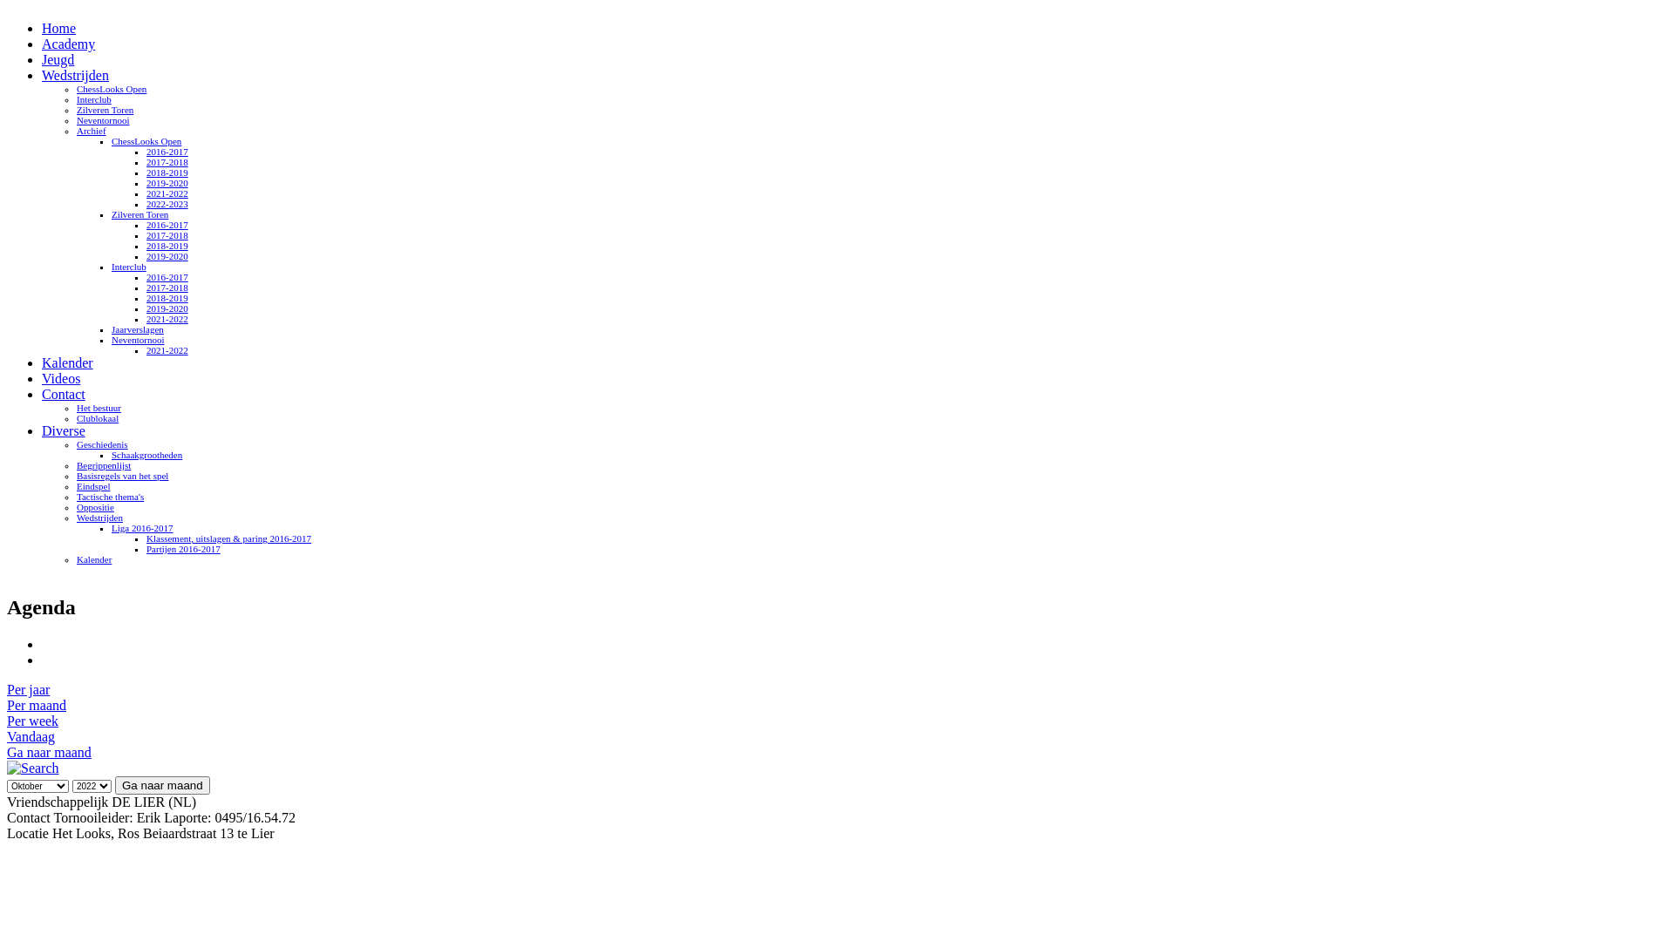  What do you see at coordinates (63, 394) in the screenshot?
I see `'Contact'` at bounding box center [63, 394].